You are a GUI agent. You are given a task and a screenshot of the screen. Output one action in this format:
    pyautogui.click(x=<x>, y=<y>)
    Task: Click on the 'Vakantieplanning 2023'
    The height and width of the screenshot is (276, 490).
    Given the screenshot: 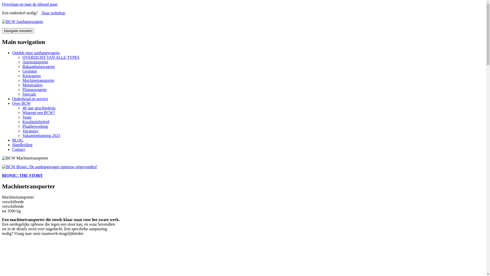 What is the action you would take?
    pyautogui.click(x=41, y=135)
    